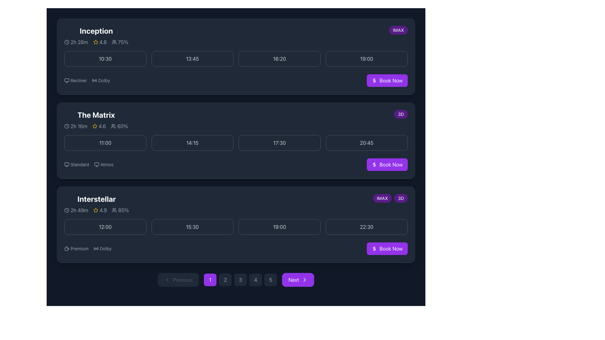 Image resolution: width=605 pixels, height=340 pixels. Describe the element at coordinates (387, 80) in the screenshot. I see `the 'Book Now' button with a purple background and white text, located in the top-right area of the movie 'Inception' section, to initiate the booking process` at that location.